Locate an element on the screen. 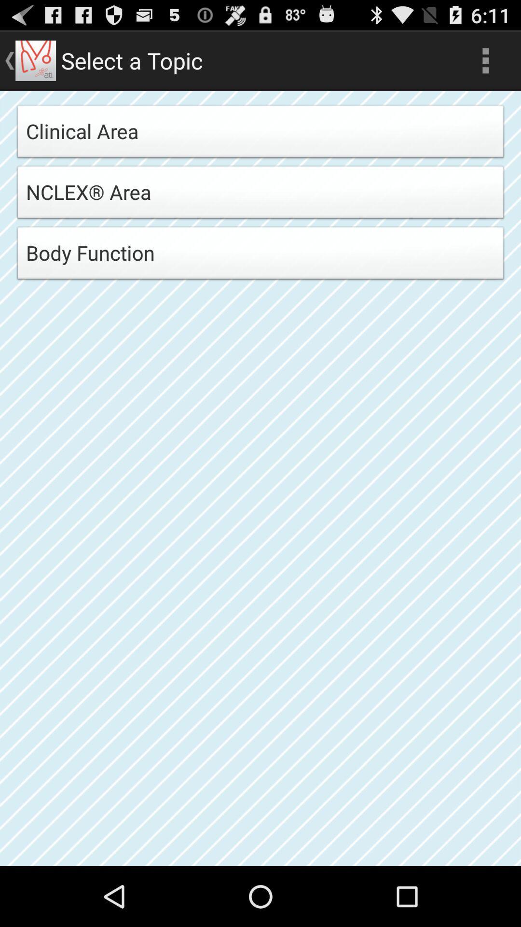 The width and height of the screenshot is (521, 927). the icon at the top right corner is located at coordinates (485, 60).